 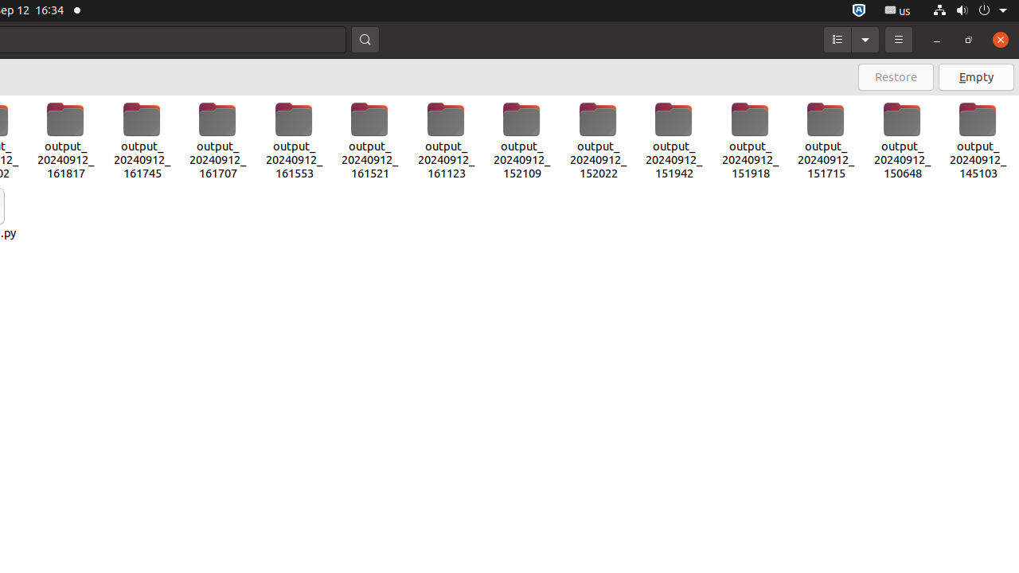 What do you see at coordinates (902, 140) in the screenshot?
I see `'output_20240912_150648'` at bounding box center [902, 140].